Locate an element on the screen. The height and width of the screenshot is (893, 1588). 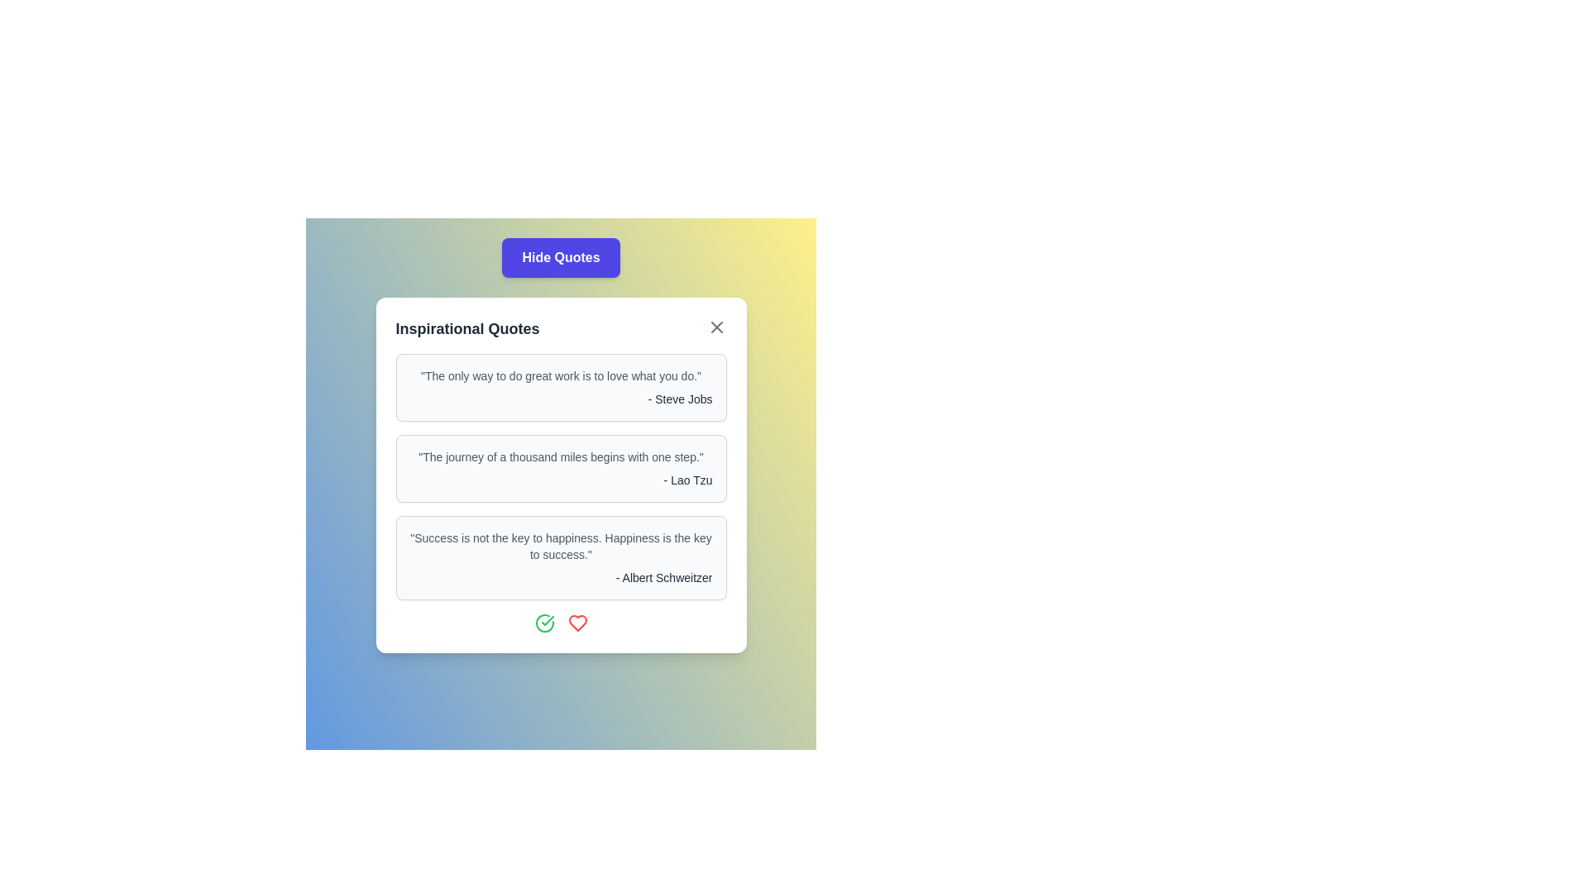
displayed text in the first quote section under the 'Inspirational Quotes' header, which is centrally positioned above other quote sections is located at coordinates (561, 388).